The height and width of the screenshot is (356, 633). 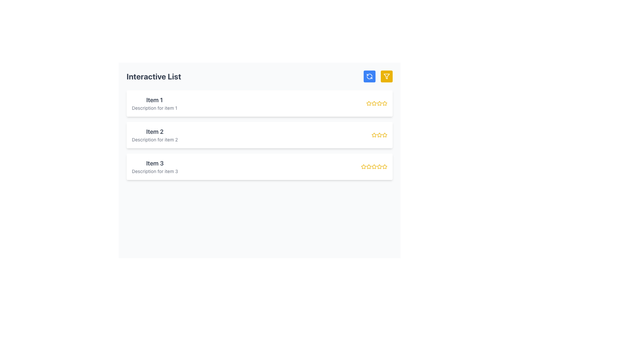 What do you see at coordinates (384, 103) in the screenshot?
I see `from the star icon in the top-right corner of the first list item` at bounding box center [384, 103].